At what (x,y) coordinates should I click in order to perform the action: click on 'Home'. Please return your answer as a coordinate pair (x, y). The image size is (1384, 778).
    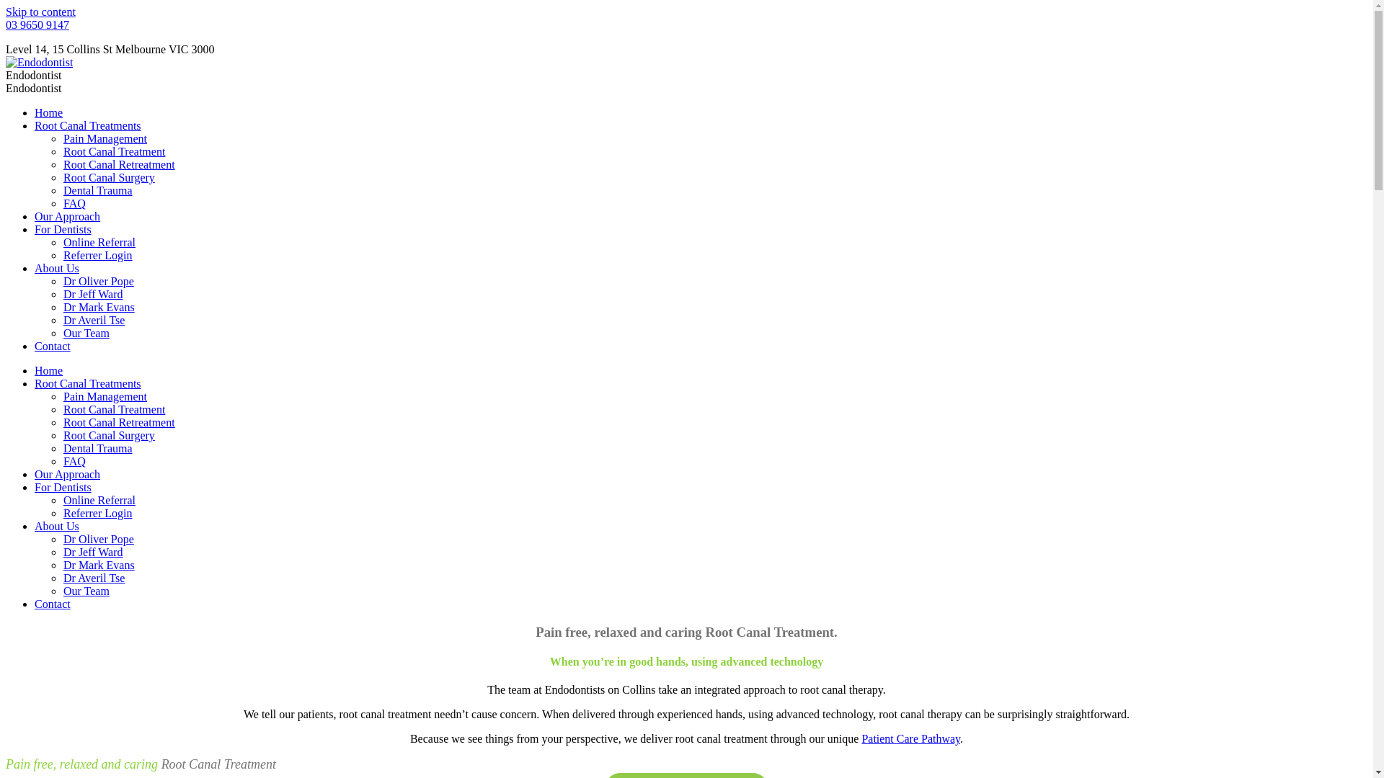
    Looking at the image, I should click on (48, 370).